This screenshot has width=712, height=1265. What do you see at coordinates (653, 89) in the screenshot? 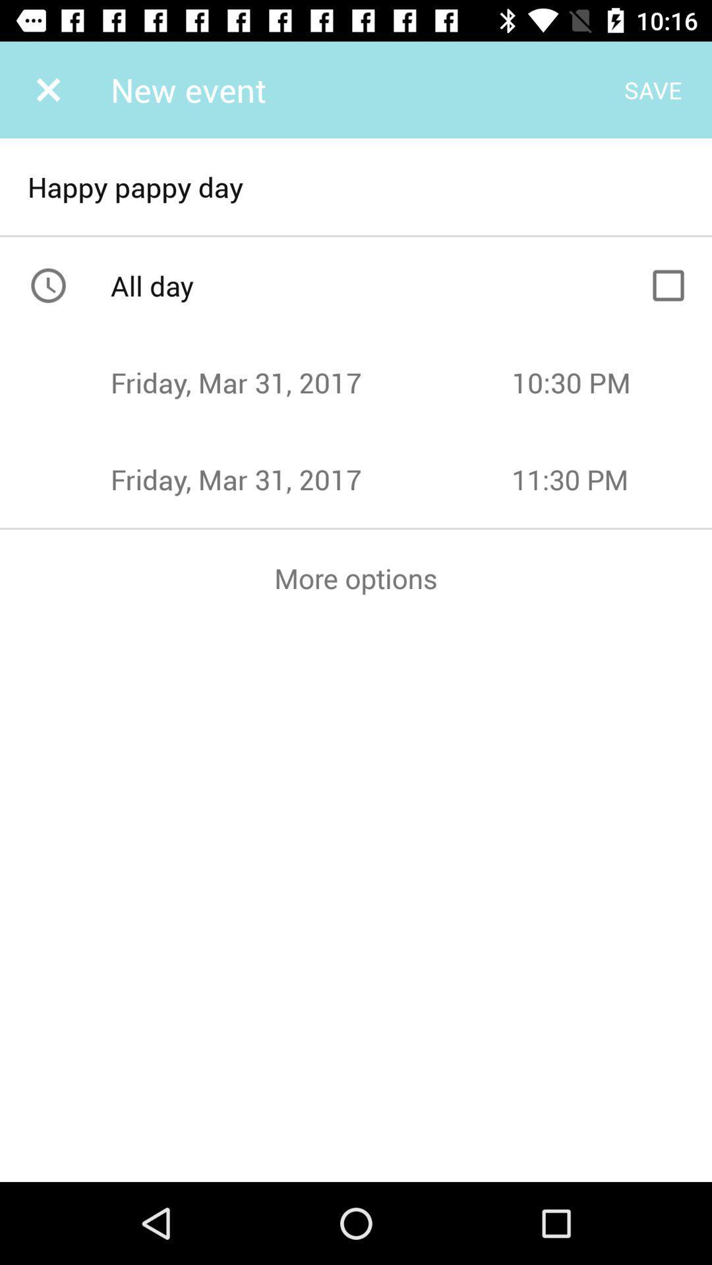
I see `save on the right side of new event` at bounding box center [653, 89].